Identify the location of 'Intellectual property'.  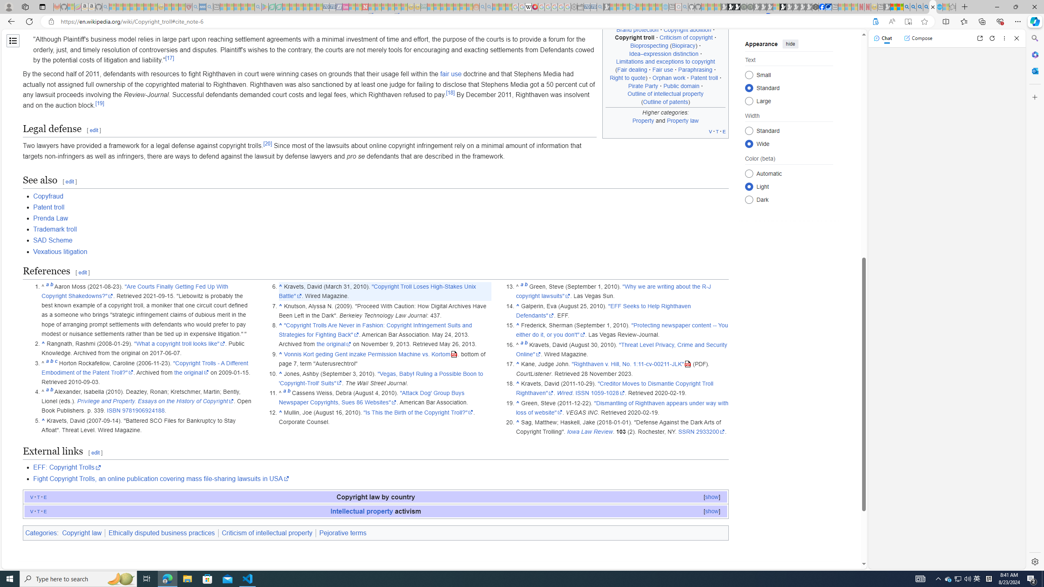
(361, 510).